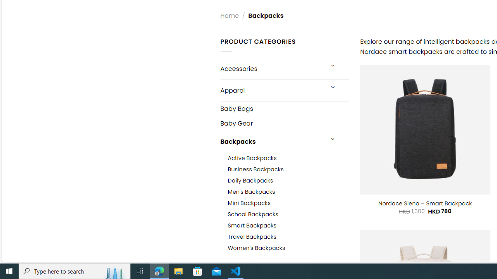 The image size is (497, 279). What do you see at coordinates (272, 68) in the screenshot?
I see `'Accessories'` at bounding box center [272, 68].